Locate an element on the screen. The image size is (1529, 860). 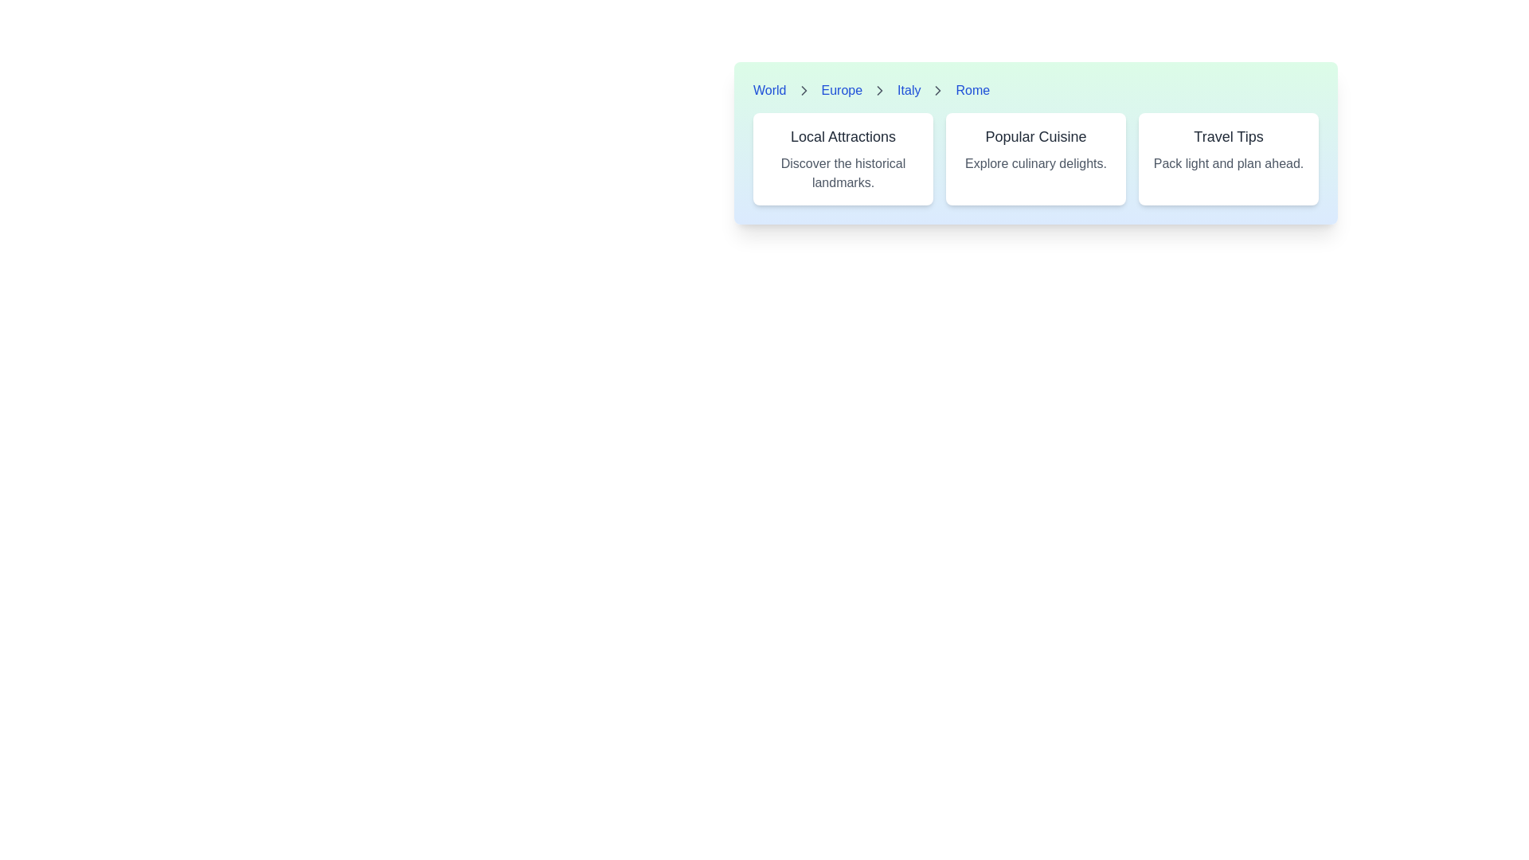
the text of the Informational Card titled 'Popular Cuisine' which has a white background and rounded corners, located in the center of the three-column grid layout is located at coordinates (1035, 159).